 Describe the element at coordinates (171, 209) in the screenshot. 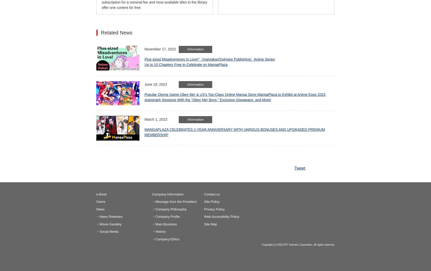

I see `'Company Philosophy'` at that location.